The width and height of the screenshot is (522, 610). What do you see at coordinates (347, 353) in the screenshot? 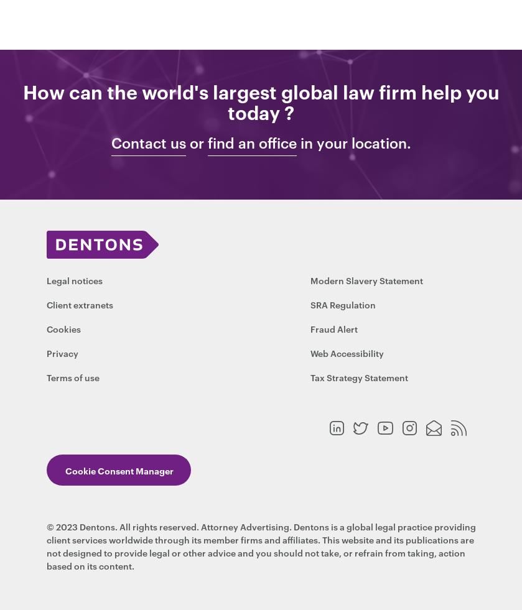
I see `'Web Accessibility'` at bounding box center [347, 353].